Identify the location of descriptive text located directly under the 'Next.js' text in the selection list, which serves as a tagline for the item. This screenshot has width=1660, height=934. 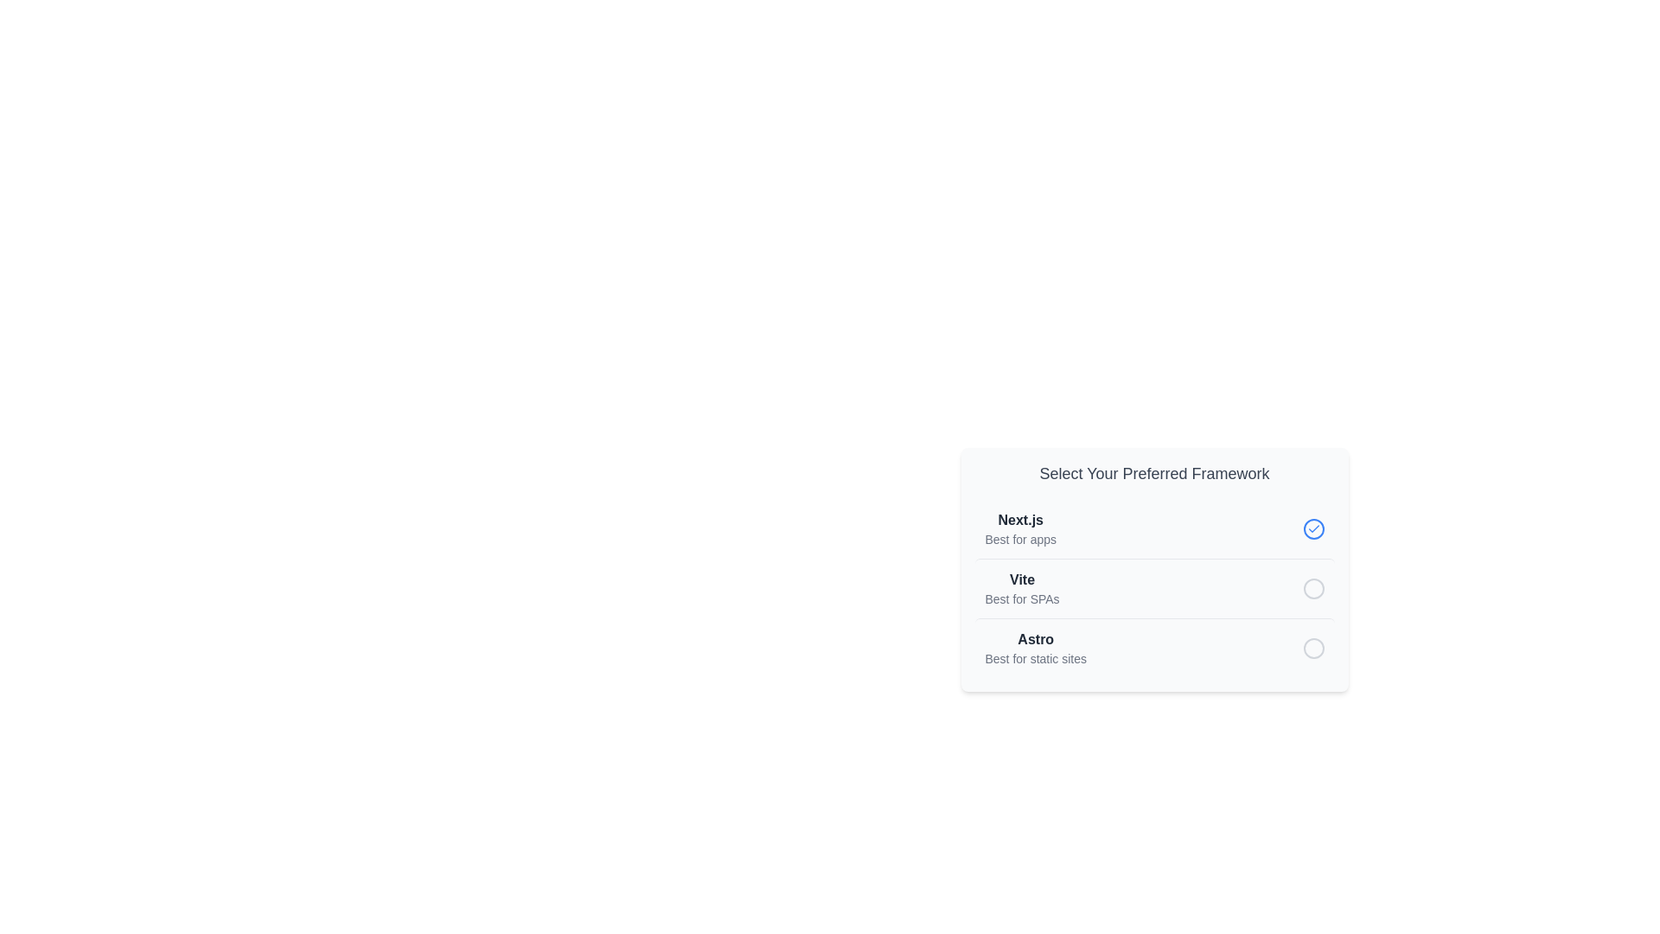
(1020, 539).